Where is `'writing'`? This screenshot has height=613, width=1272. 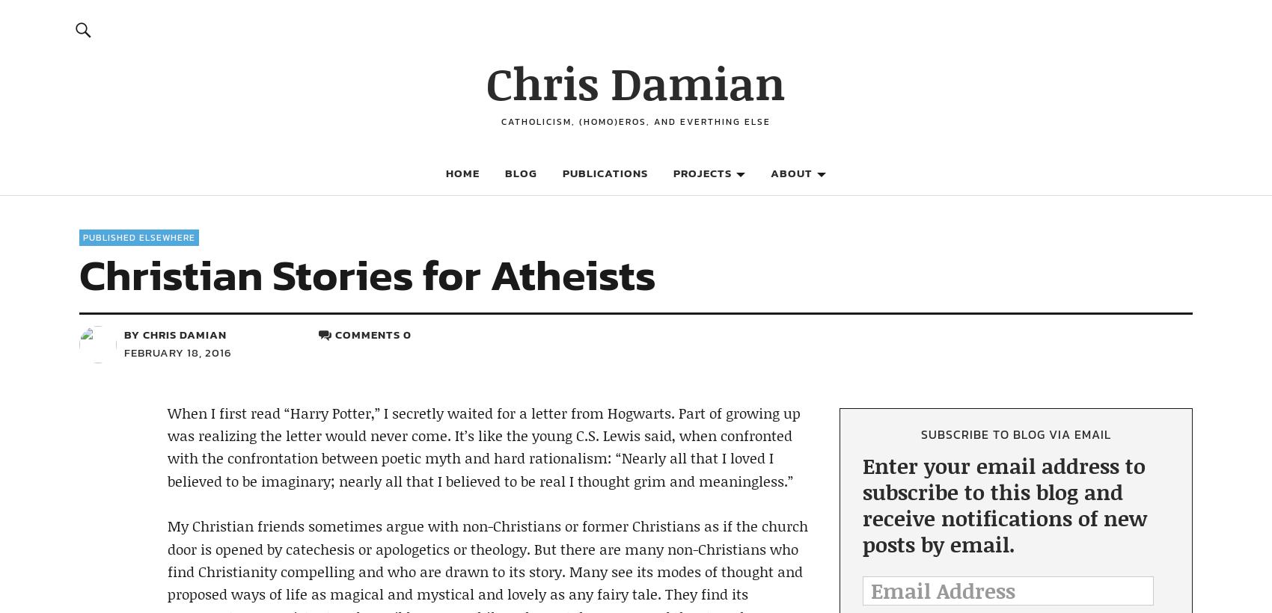
'writing' is located at coordinates (714, 404).